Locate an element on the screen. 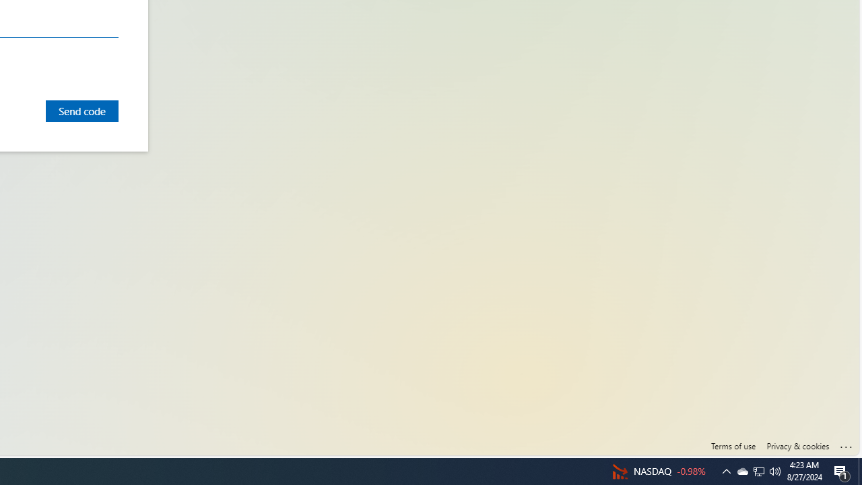 The width and height of the screenshot is (862, 485). 'Click here for troubleshooting information' is located at coordinates (846, 444).